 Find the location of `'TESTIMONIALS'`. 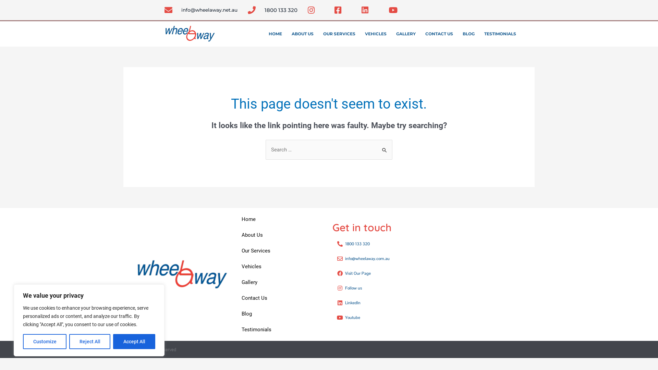

'TESTIMONIALS' is located at coordinates (500, 34).